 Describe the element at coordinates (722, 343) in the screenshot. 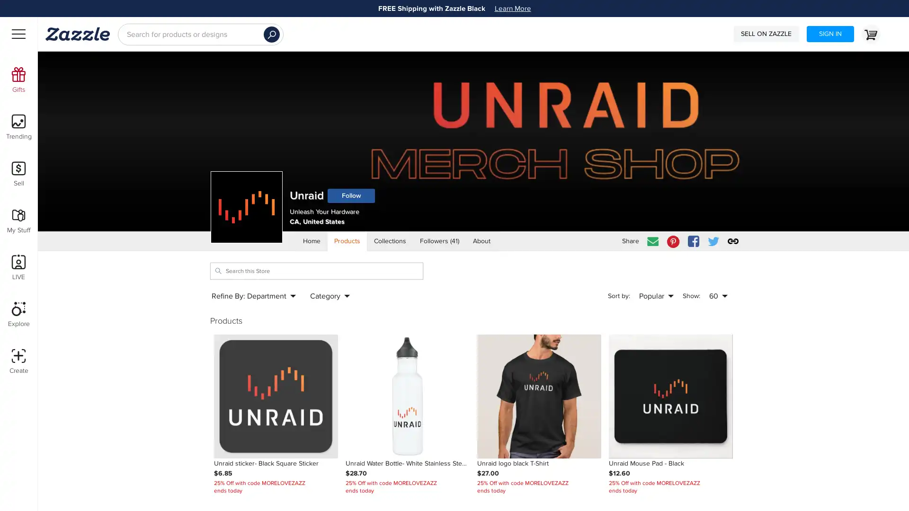

I see `Like` at that location.